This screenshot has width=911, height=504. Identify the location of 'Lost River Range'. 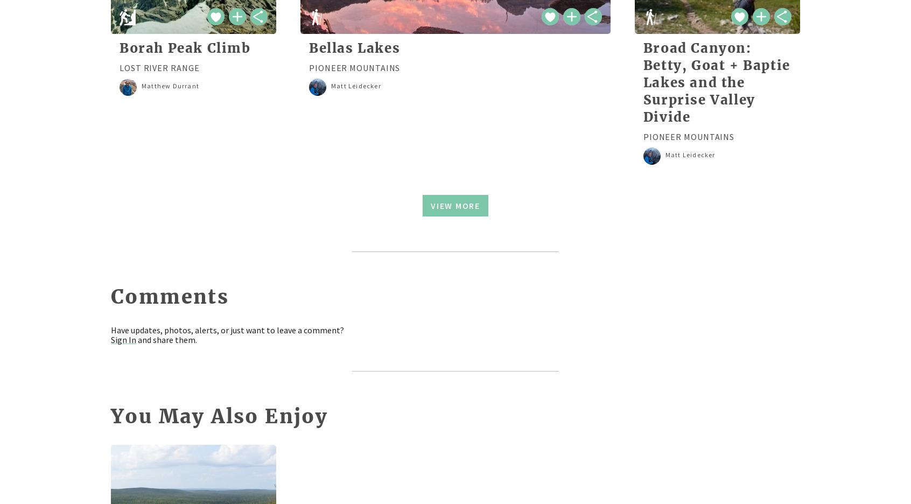
(158, 67).